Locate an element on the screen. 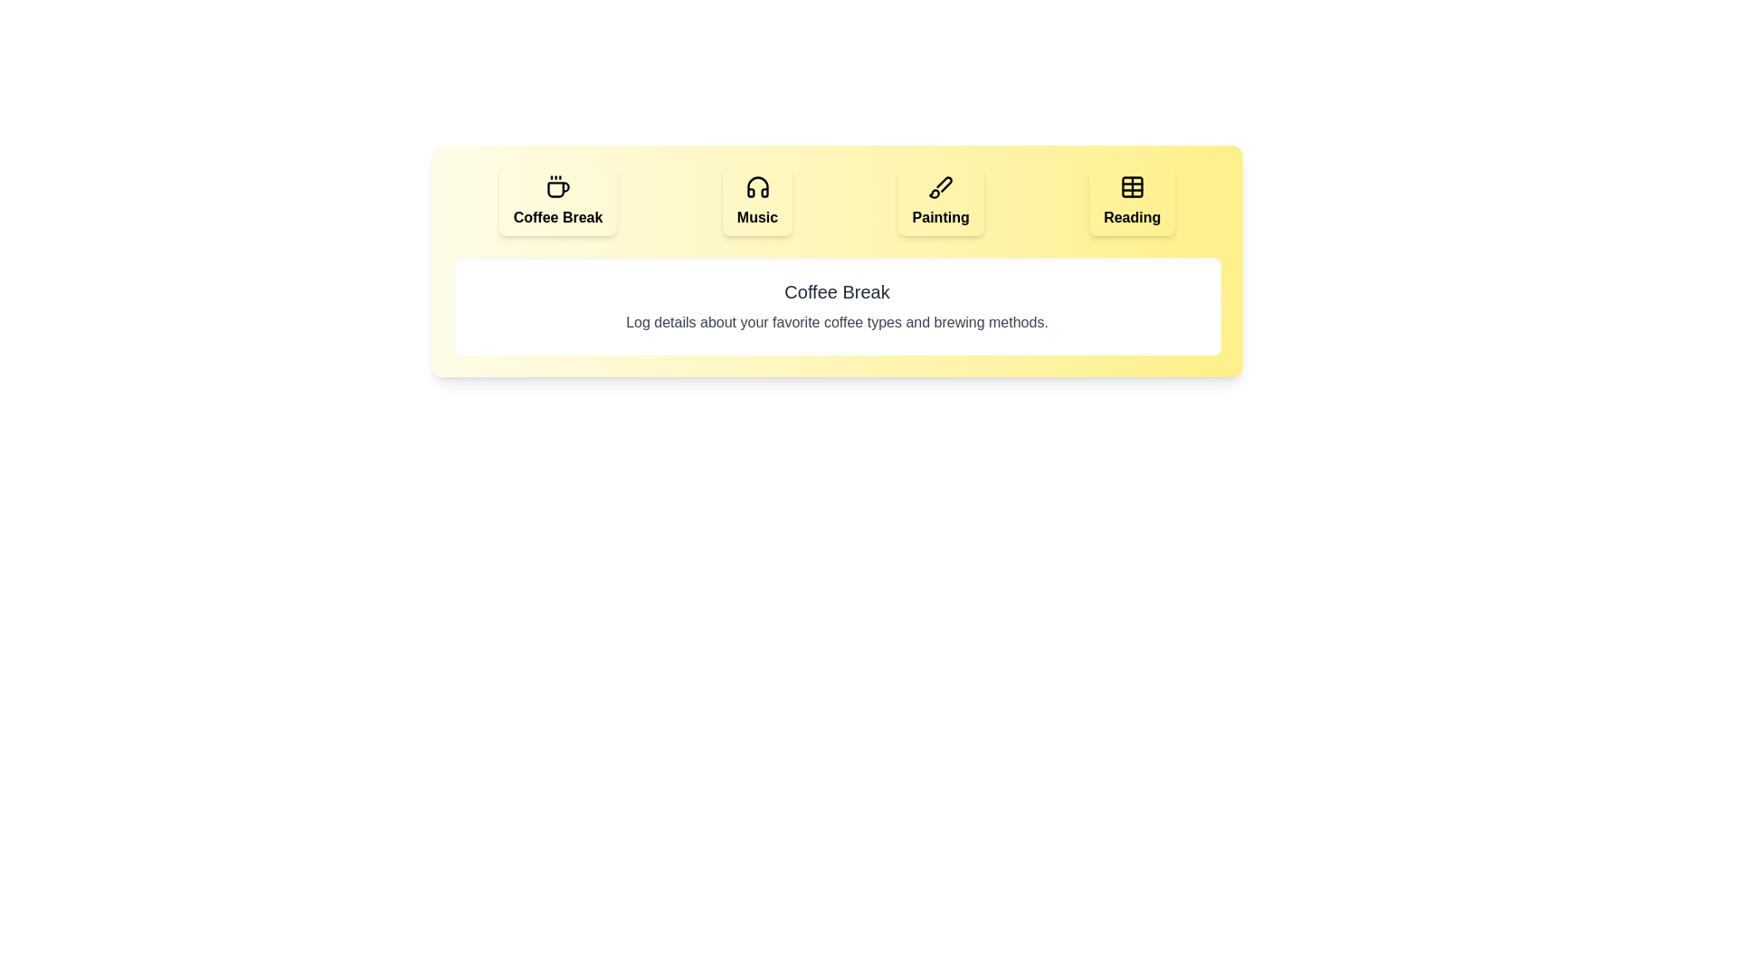 The height and width of the screenshot is (977, 1737). 'Painting' text label, which is styled in bold font and positioned below a brush icon within a button-like component is located at coordinates (941, 216).